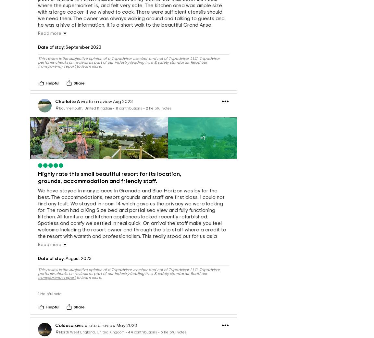 This screenshot has width=374, height=338. Describe the element at coordinates (85, 110) in the screenshot. I see `'Bournemouth, United Kingdom'` at that location.